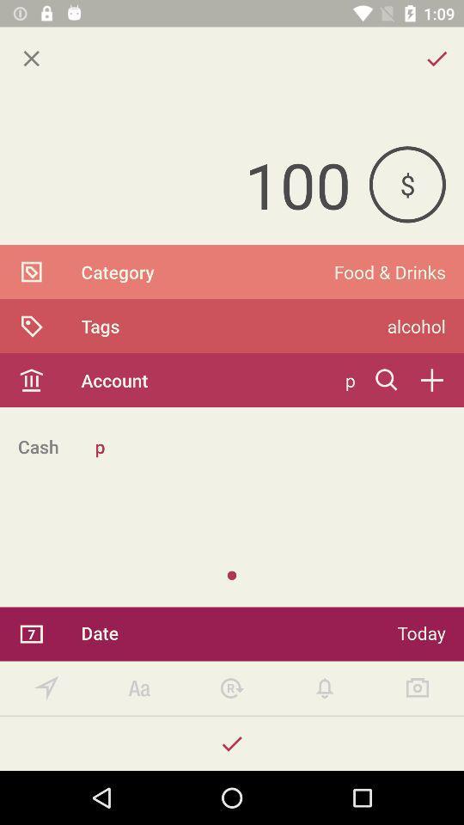 The image size is (464, 825). I want to click on bank account, so click(430, 380).